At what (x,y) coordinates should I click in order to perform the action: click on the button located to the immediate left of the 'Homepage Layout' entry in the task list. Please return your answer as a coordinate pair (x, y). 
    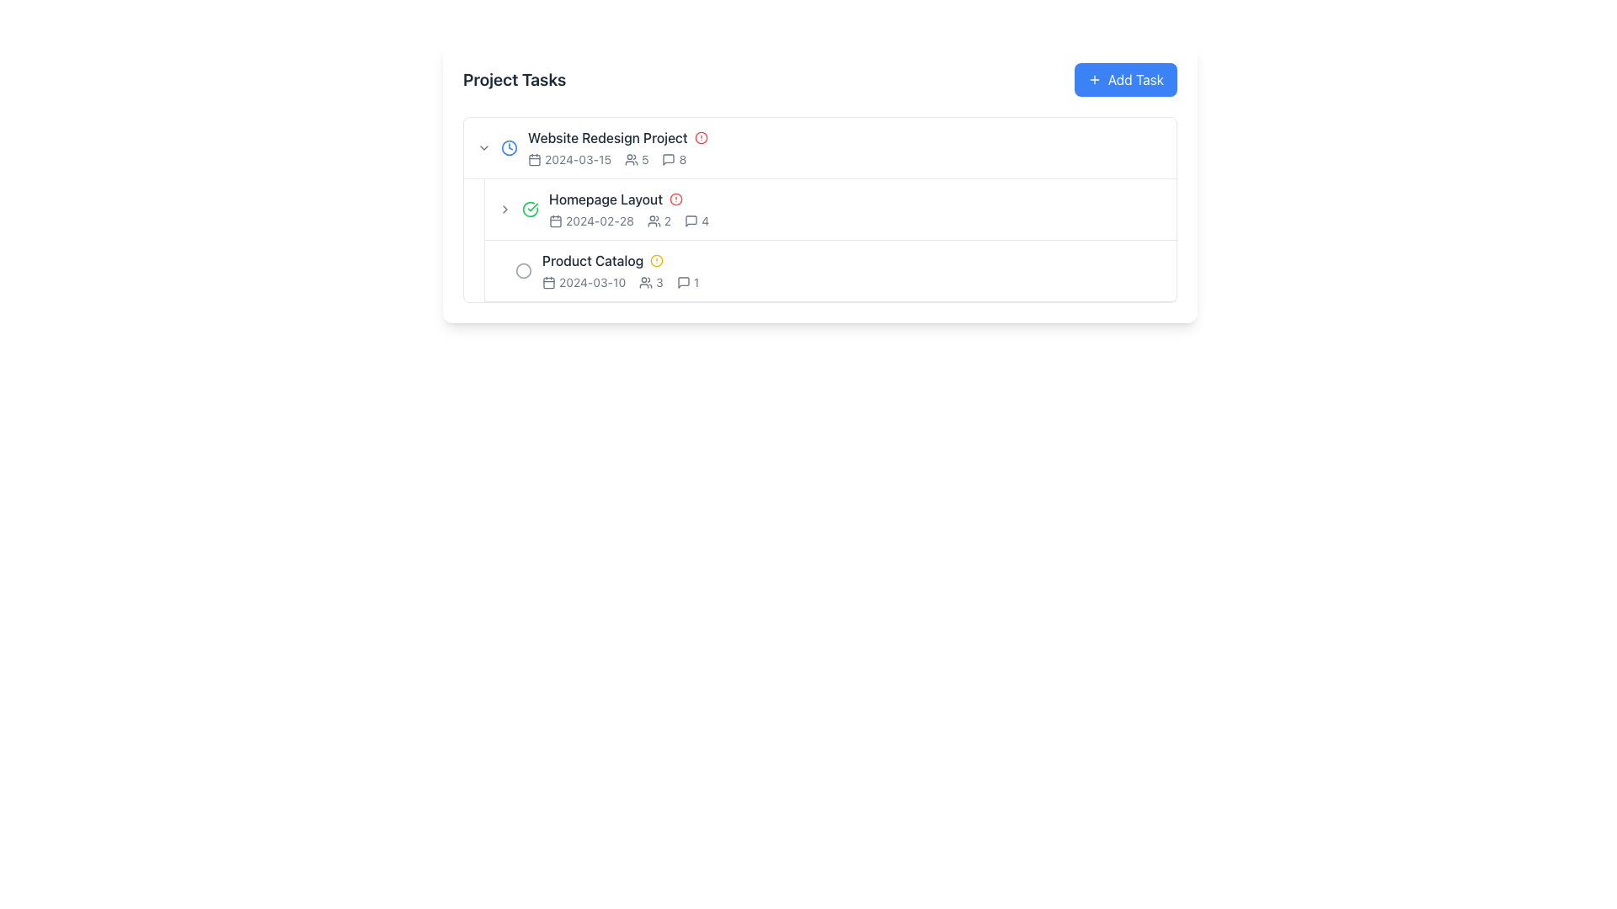
    Looking at the image, I should click on (504, 209).